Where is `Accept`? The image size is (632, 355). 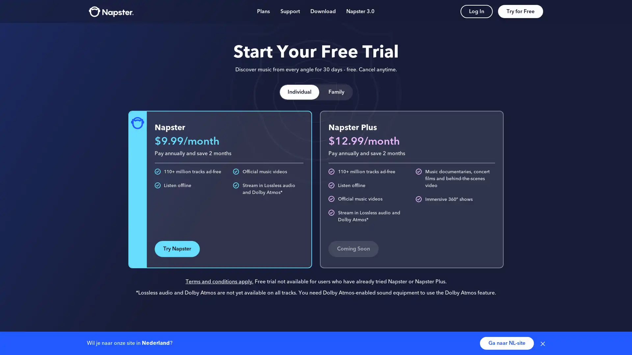 Accept is located at coordinates (470, 302).